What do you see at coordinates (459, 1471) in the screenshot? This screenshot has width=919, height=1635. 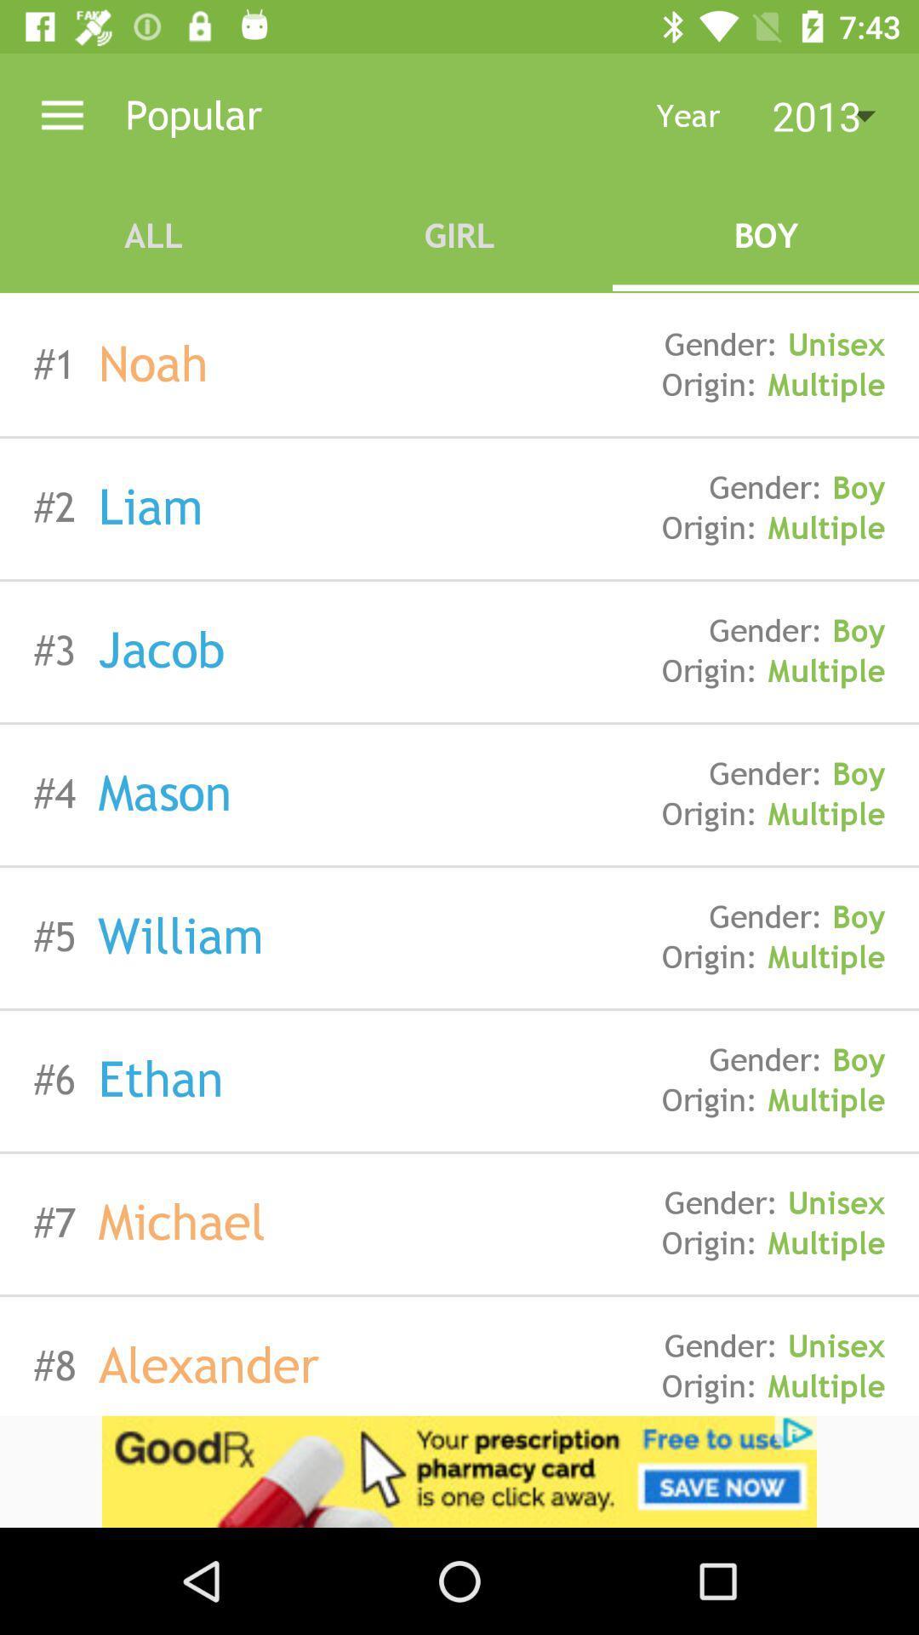 I see `advertising pop up banner` at bounding box center [459, 1471].